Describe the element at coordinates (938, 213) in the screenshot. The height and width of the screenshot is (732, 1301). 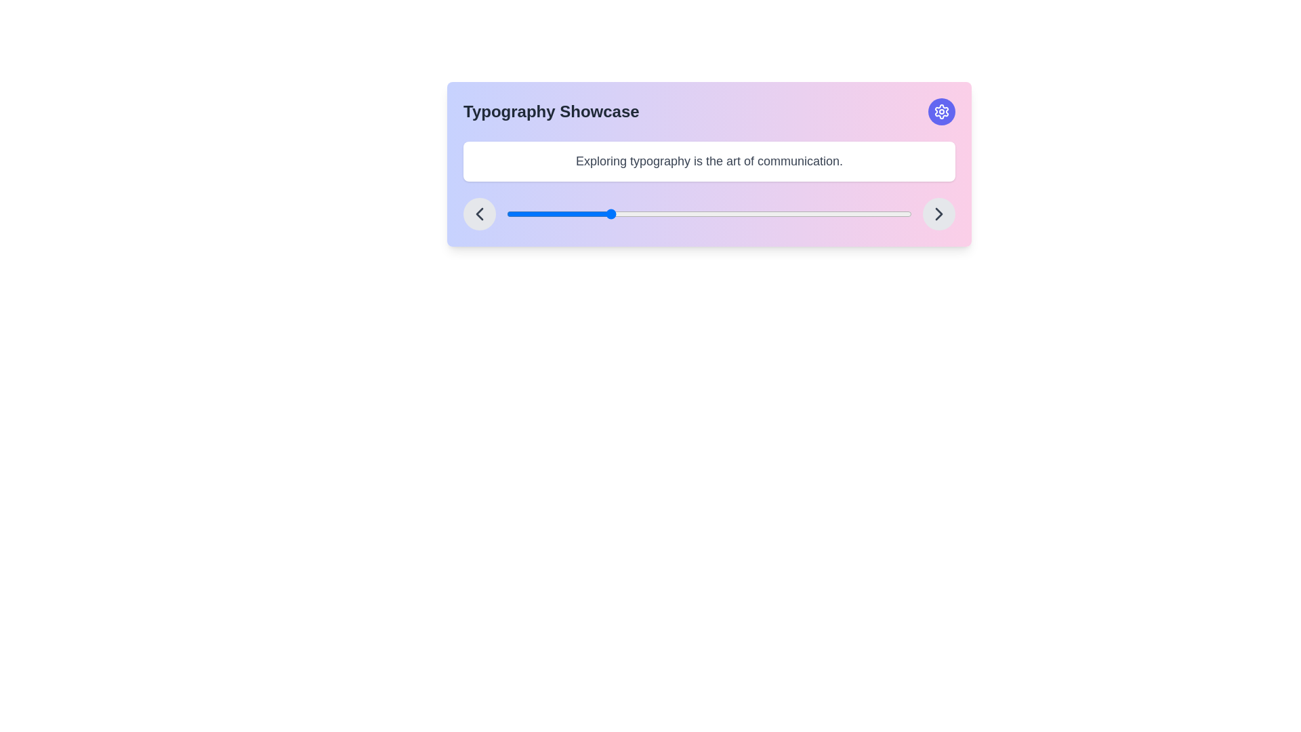
I see `the circular button with a light gray background and a black chevron pointing to the right` at that location.